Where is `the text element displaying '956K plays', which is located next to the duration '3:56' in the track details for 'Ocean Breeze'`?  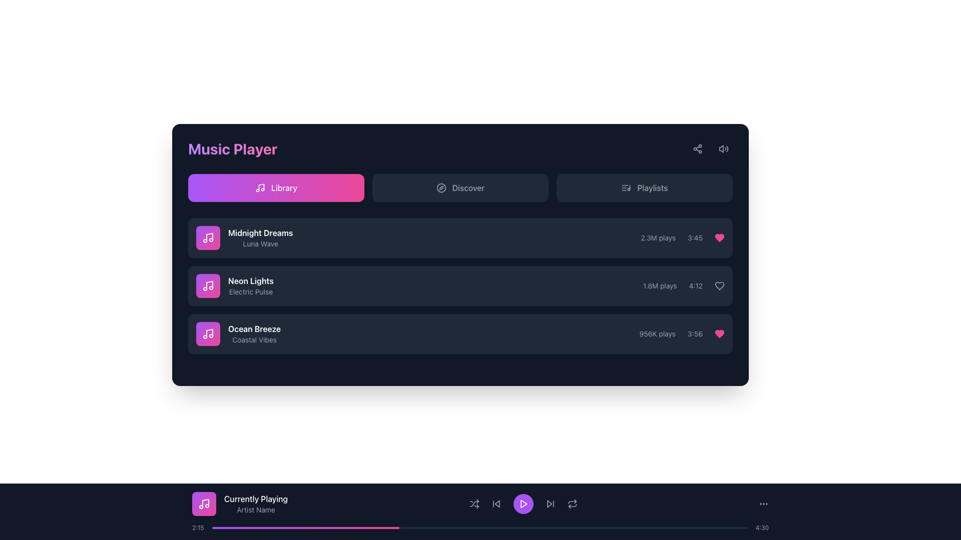 the text element displaying '956K plays', which is located next to the duration '3:56' in the track details for 'Ocean Breeze' is located at coordinates (657, 333).